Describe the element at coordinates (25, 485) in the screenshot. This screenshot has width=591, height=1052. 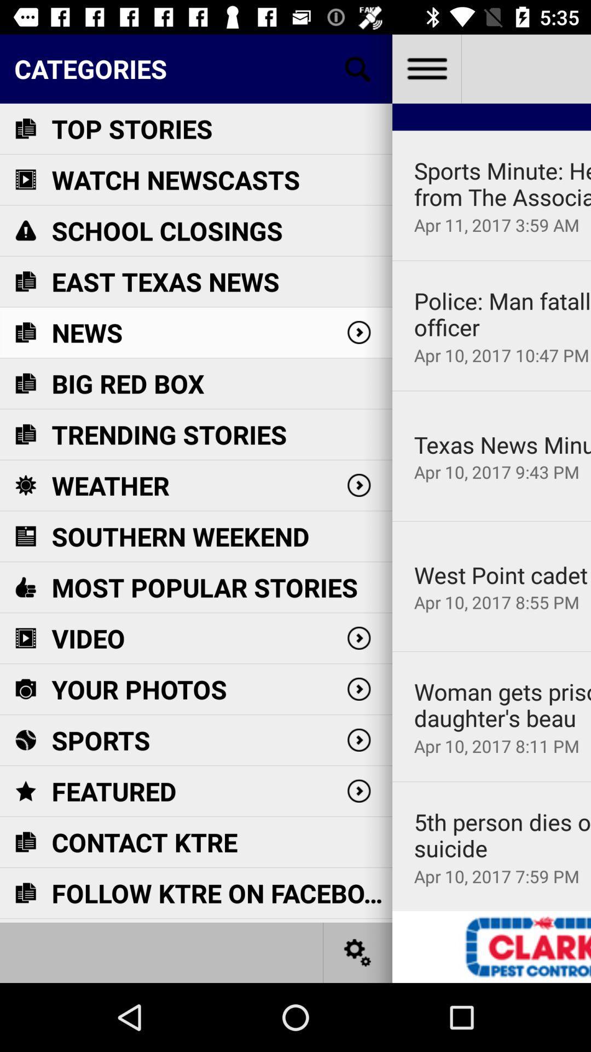
I see `the sun symbol which is to the left of weather` at that location.